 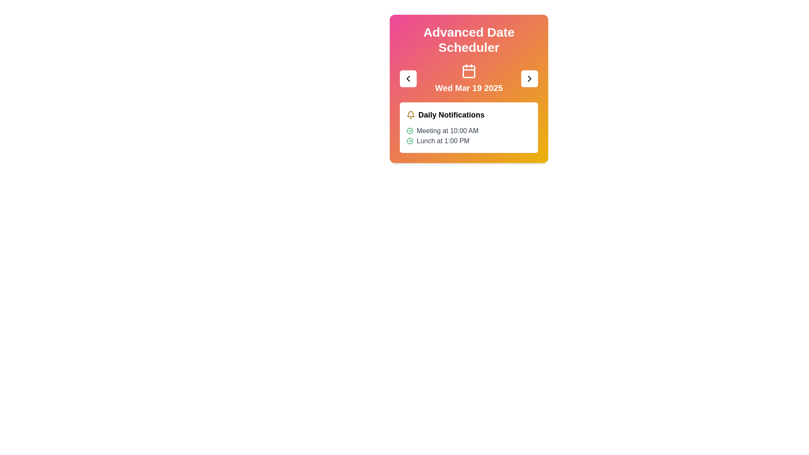 I want to click on the left chevron button located at the top-left corner of the main content area of the card interface to trigger visual feedback indicating interactivity, so click(x=408, y=78).